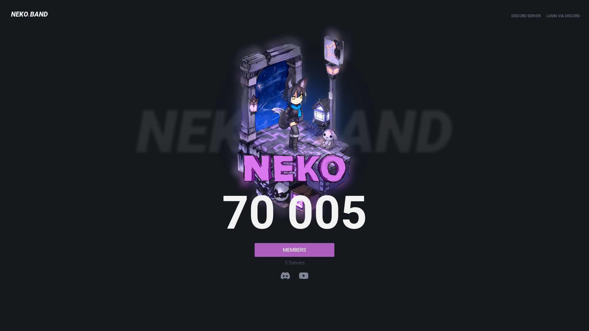 The height and width of the screenshot is (331, 589). I want to click on 'LOGIN VIA DISCORD', so click(563, 15).